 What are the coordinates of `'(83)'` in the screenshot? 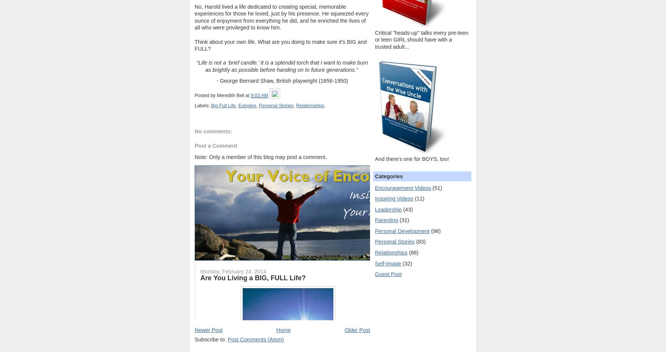 It's located at (421, 241).